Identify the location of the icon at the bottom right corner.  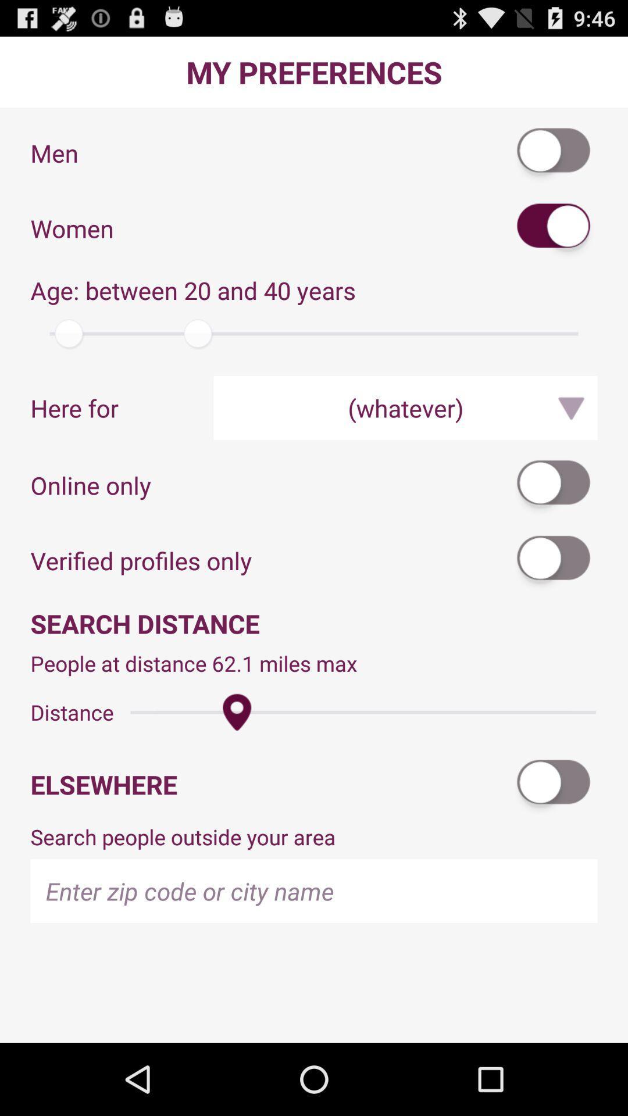
(554, 784).